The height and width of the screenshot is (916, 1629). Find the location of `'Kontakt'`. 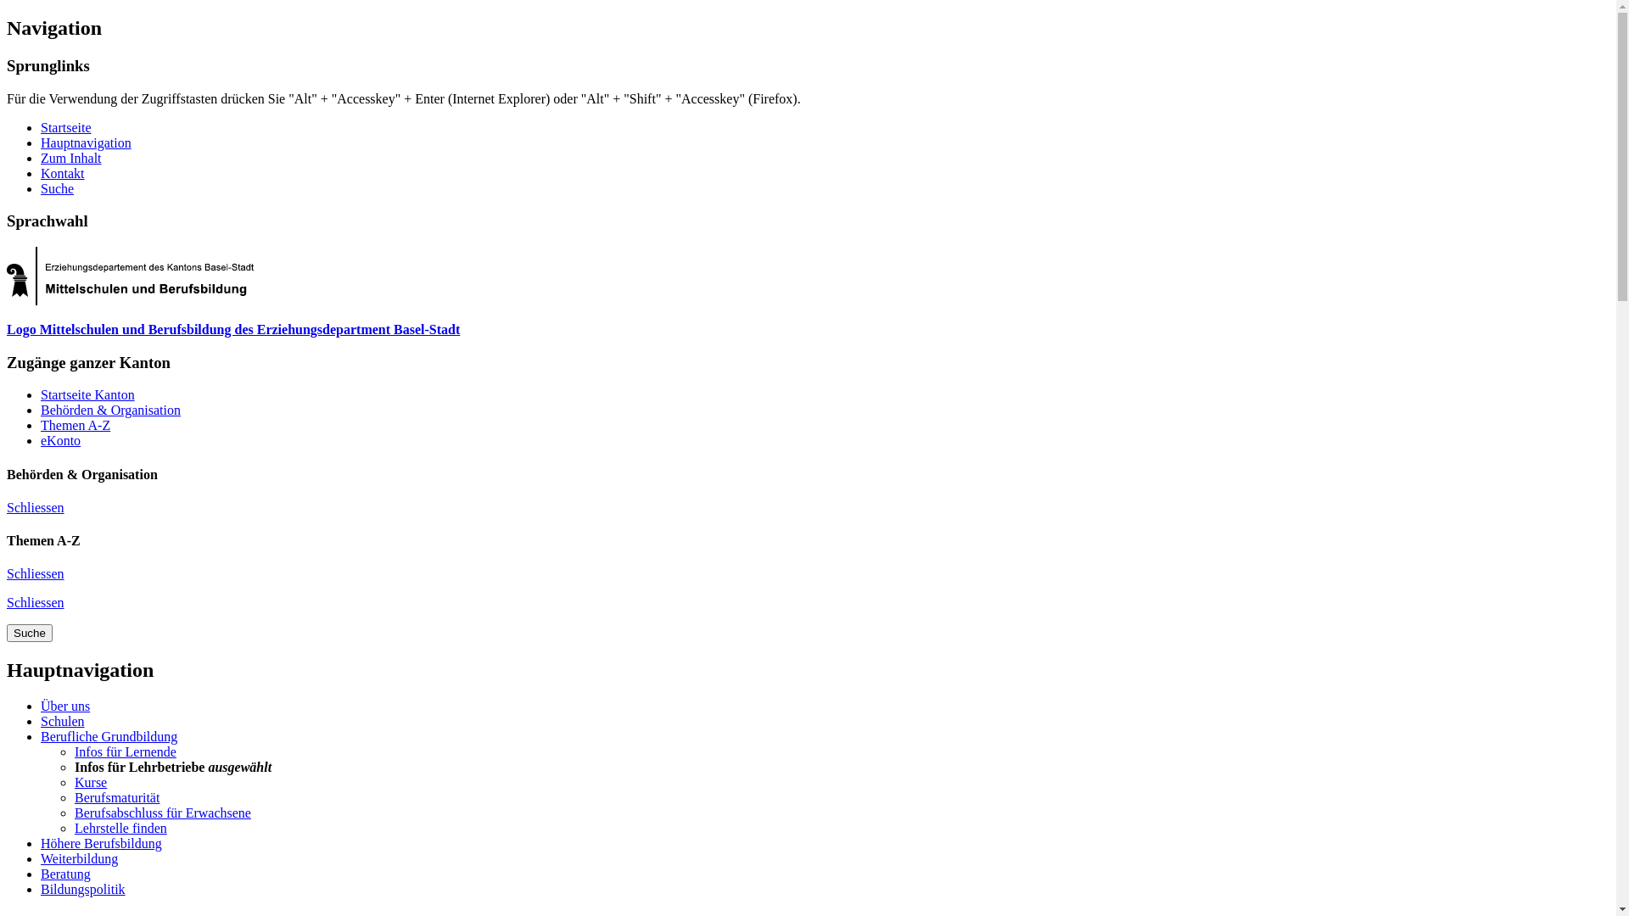

'Kontakt' is located at coordinates (62, 173).